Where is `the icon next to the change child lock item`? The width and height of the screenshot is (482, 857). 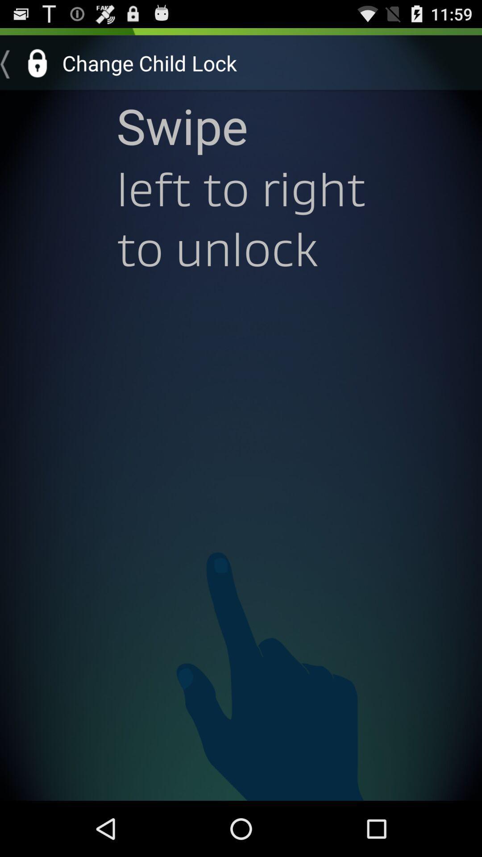
the icon next to the change child lock item is located at coordinates (27, 62).